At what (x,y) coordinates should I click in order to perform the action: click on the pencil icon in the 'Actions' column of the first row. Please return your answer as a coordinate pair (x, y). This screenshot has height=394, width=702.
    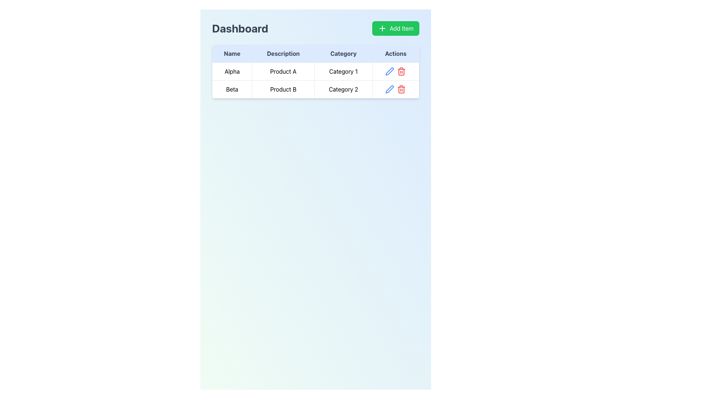
    Looking at the image, I should click on (395, 72).